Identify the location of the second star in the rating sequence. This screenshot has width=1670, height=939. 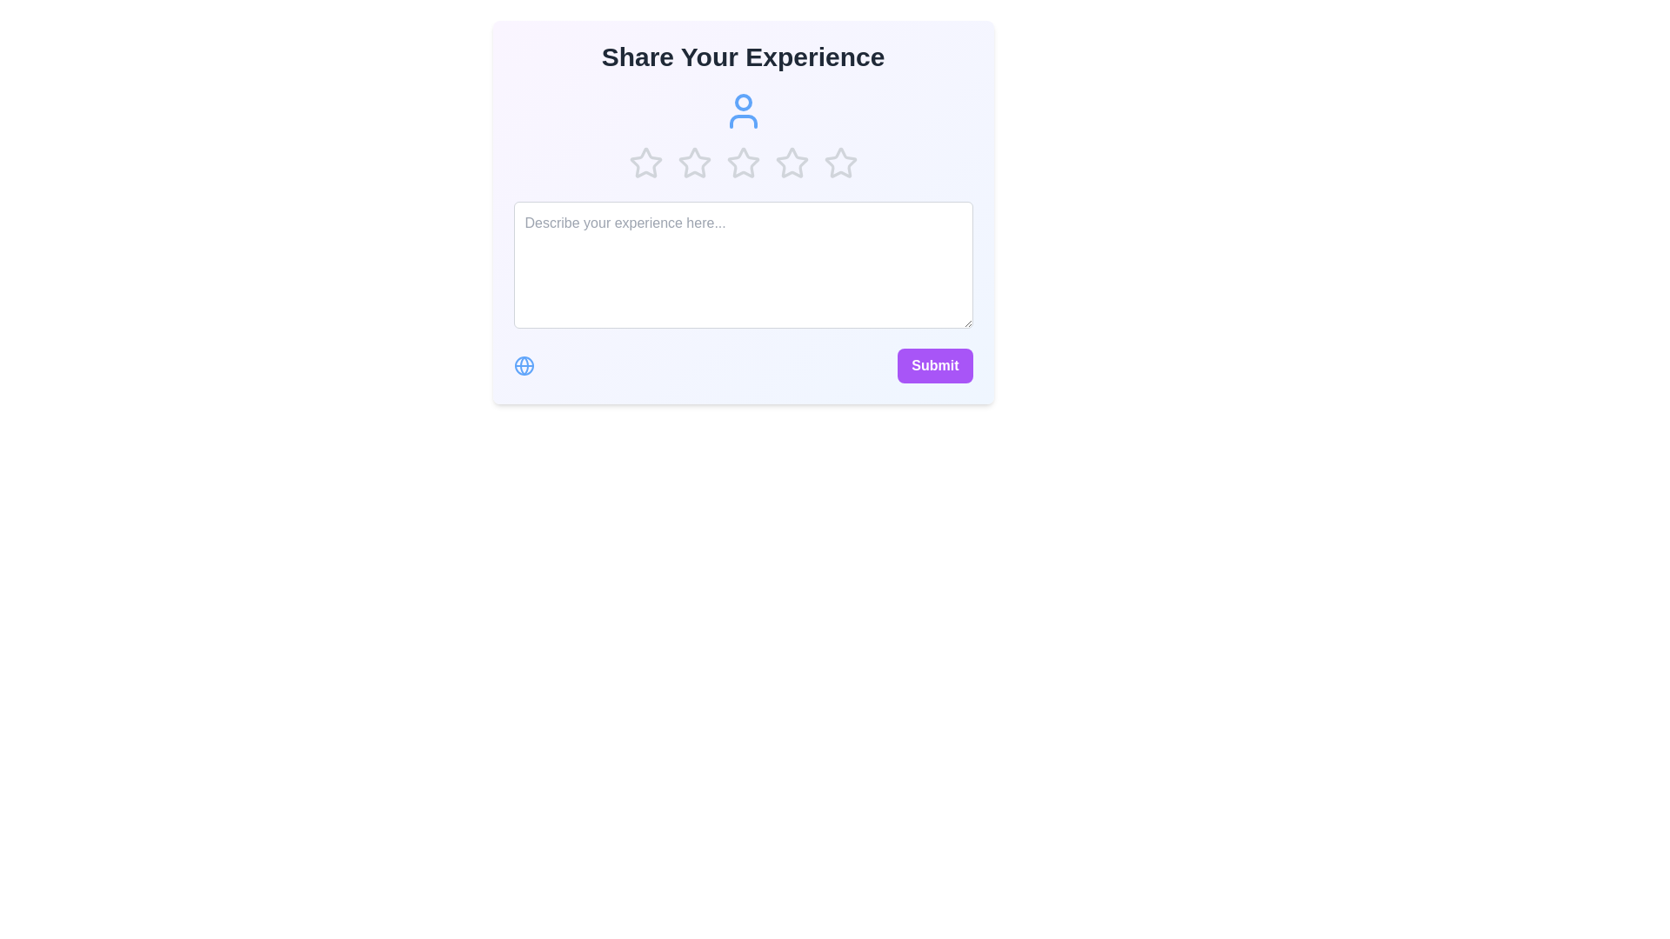
(693, 163).